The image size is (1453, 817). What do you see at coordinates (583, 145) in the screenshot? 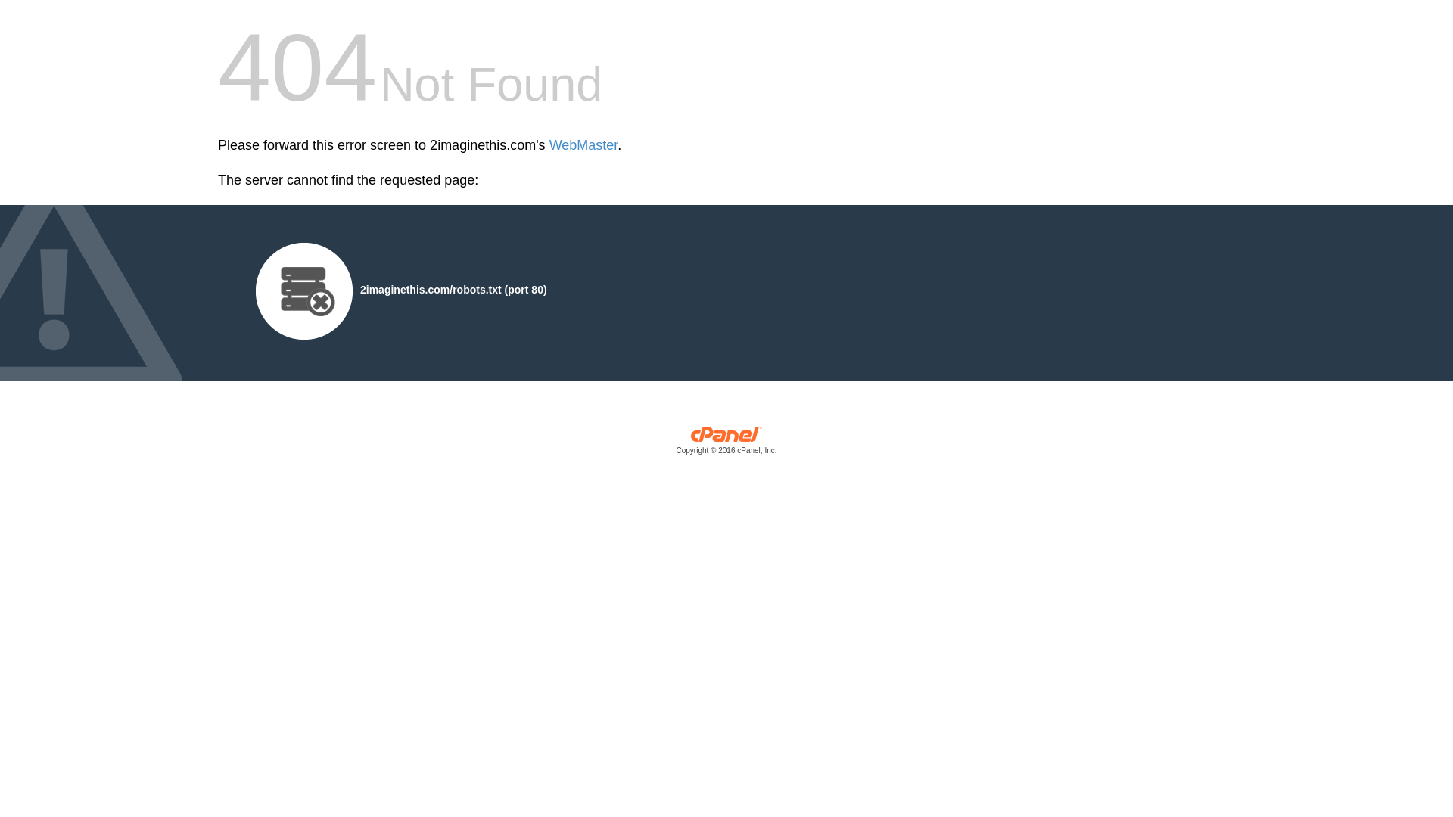
I see `'WebMaster'` at bounding box center [583, 145].